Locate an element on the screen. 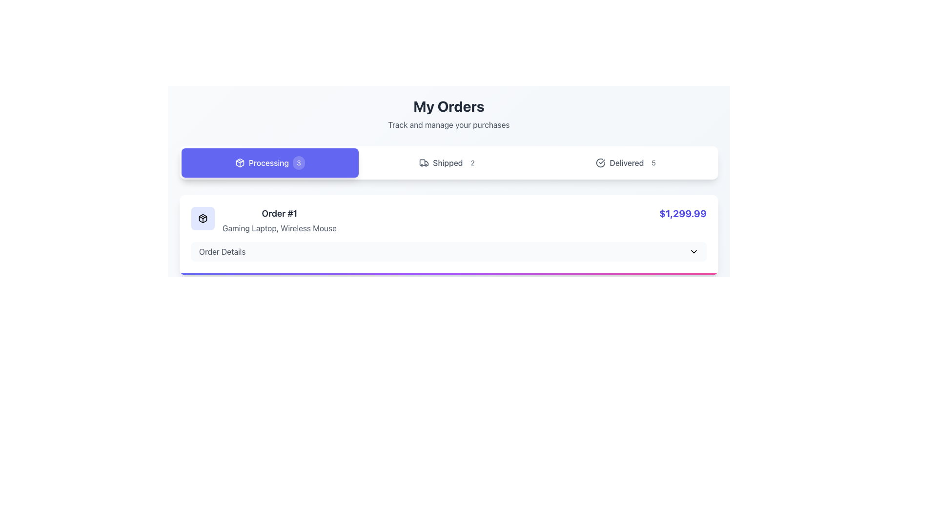 The width and height of the screenshot is (937, 527). the truck icon within the 'Shipped' button is located at coordinates (424, 162).